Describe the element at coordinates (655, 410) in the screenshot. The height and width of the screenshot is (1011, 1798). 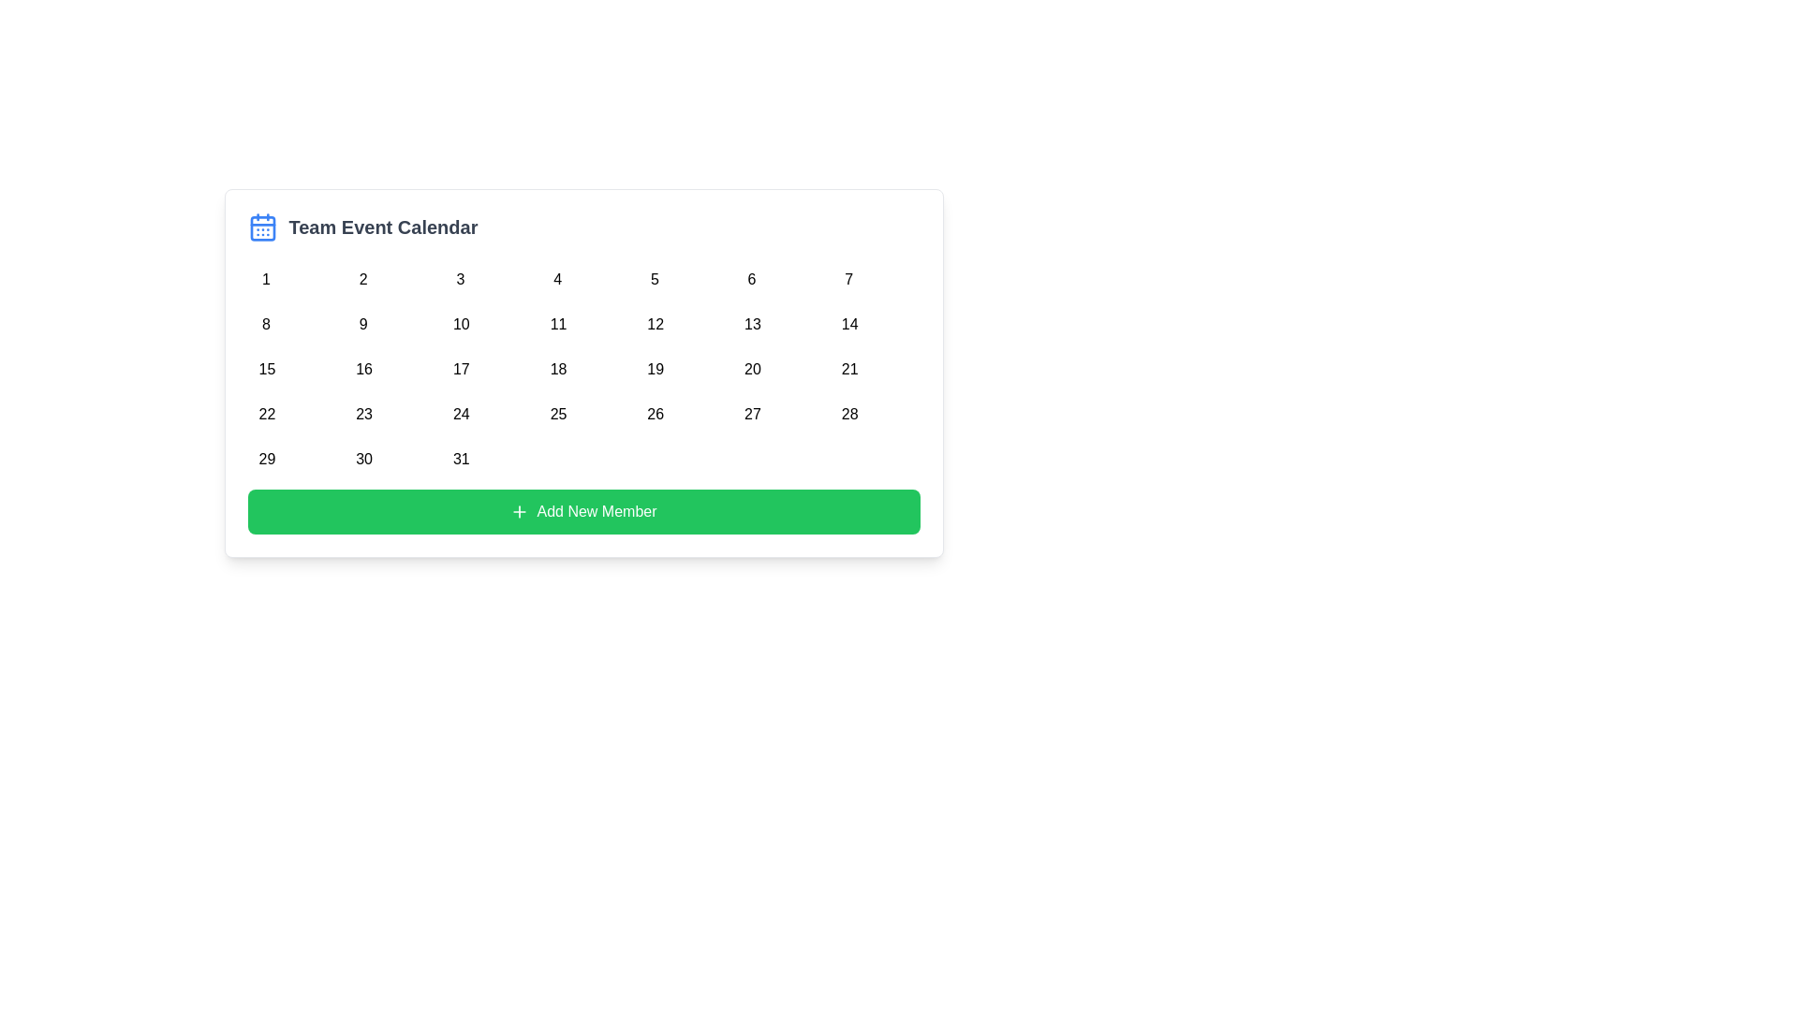
I see `the circular button labeled '26'` at that location.